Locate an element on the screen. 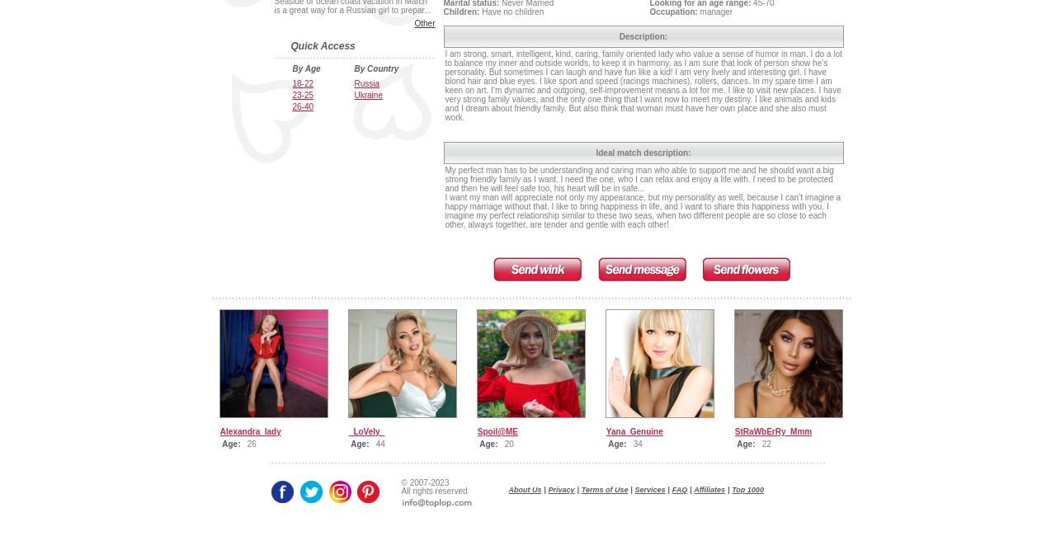 This screenshot has height=541, width=1056. 'Alexandra_lady' is located at coordinates (248, 431).